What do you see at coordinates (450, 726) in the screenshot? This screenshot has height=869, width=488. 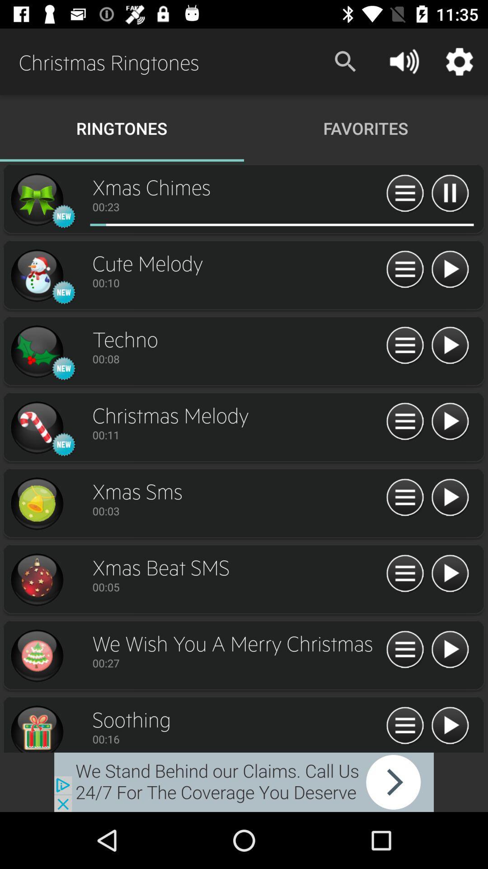 I see `next` at bounding box center [450, 726].